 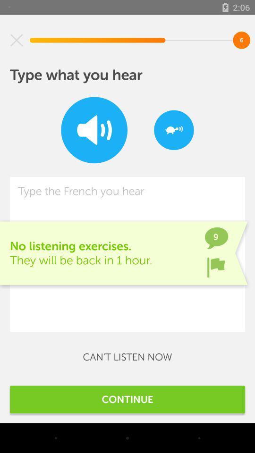 I want to click on the continue item, so click(x=127, y=399).